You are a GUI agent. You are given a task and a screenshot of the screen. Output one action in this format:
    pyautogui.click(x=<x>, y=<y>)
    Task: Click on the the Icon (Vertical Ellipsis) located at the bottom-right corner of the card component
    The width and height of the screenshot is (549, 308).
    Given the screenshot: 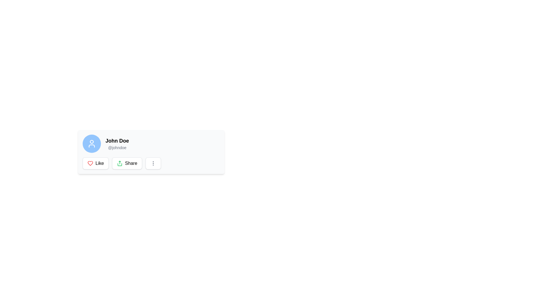 What is the action you would take?
    pyautogui.click(x=153, y=163)
    